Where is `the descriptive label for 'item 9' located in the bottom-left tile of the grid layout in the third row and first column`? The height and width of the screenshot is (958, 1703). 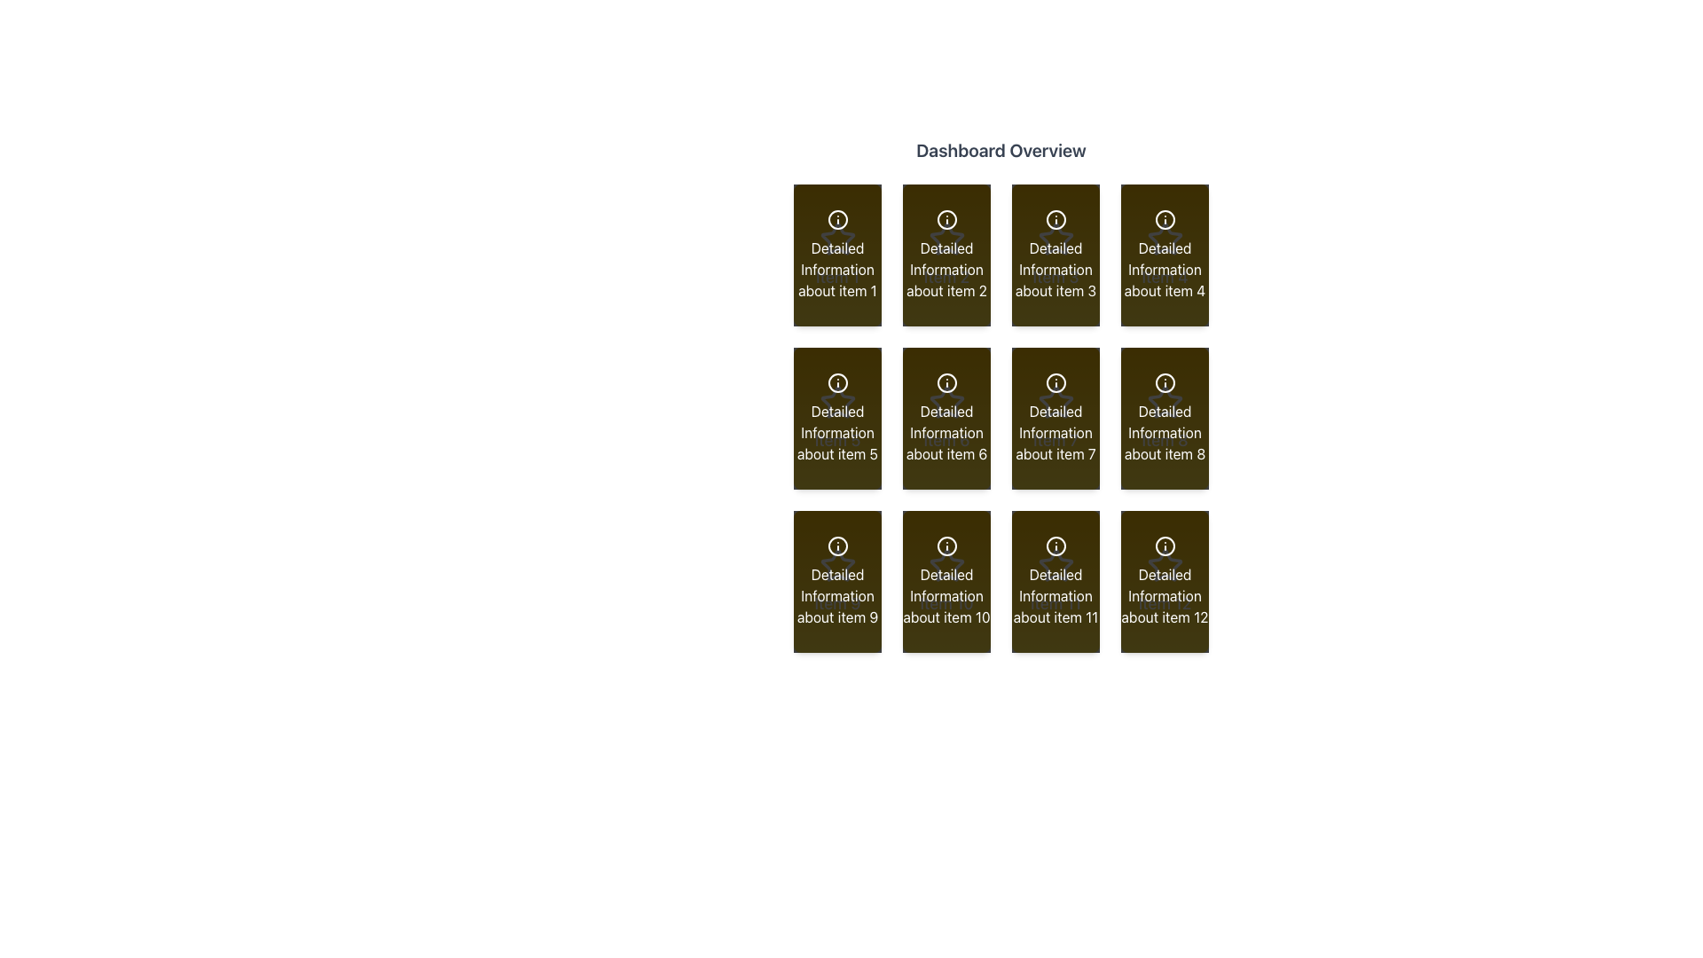
the descriptive label for 'item 9' located in the bottom-left tile of the grid layout in the third row and first column is located at coordinates (836, 595).